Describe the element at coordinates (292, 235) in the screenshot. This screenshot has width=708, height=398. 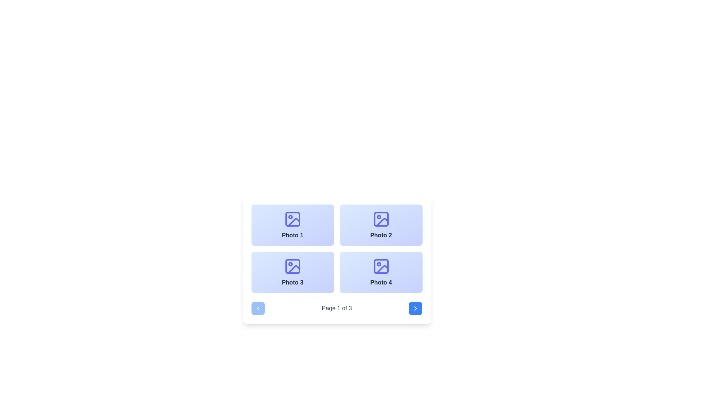
I see `the text label that serves as a title for the associated image in the top-left card of the grid layout` at that location.